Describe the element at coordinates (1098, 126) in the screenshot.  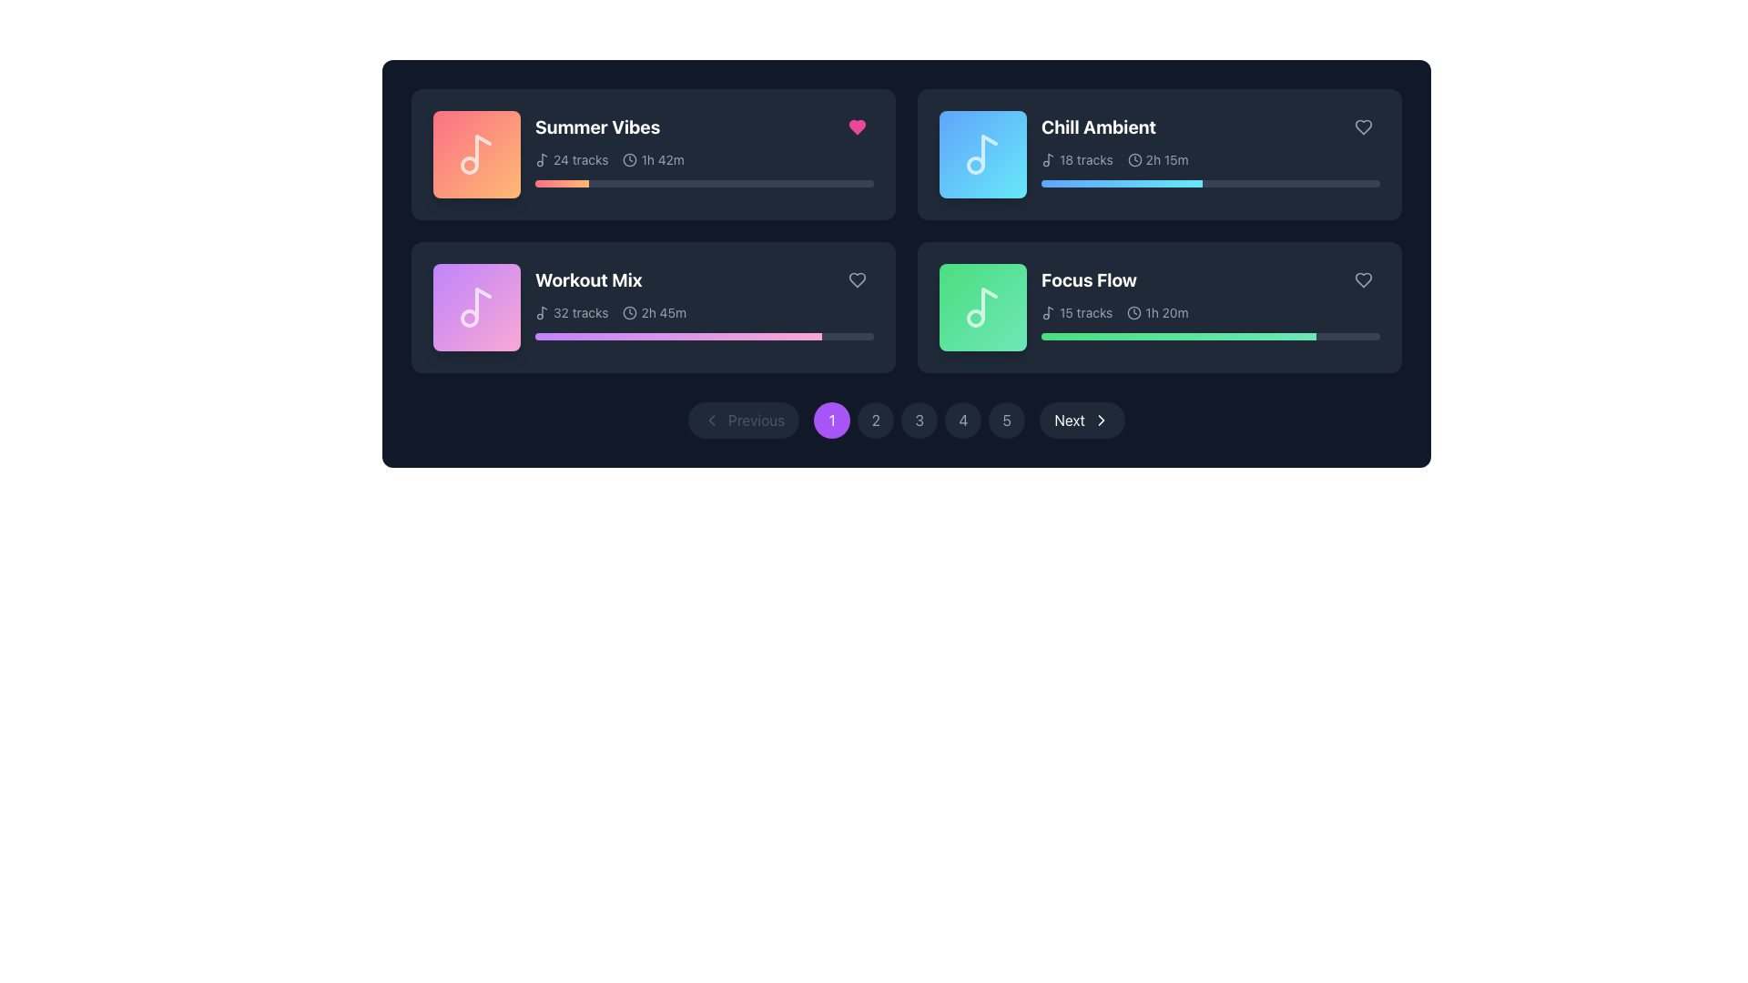
I see `text value of the 'Chill Ambient' label located in the upper-right card of the grid layout, positioned above track metadata and to the right of the musical note icon` at that location.